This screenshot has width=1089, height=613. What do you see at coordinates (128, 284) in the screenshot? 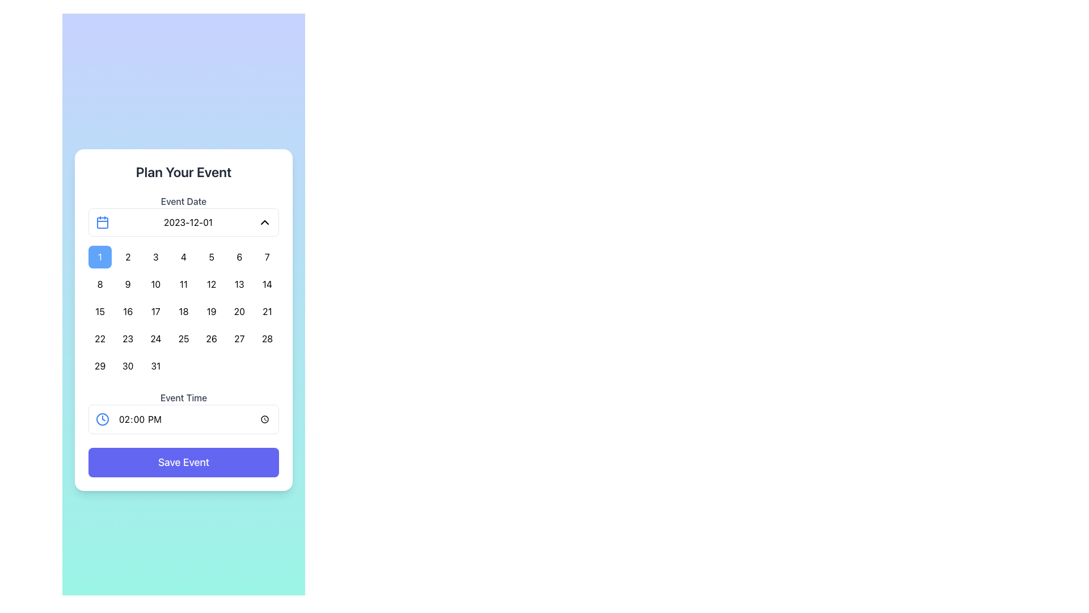
I see `the button representing the ninth day of the month in the calendar interface to visualize feedback` at bounding box center [128, 284].